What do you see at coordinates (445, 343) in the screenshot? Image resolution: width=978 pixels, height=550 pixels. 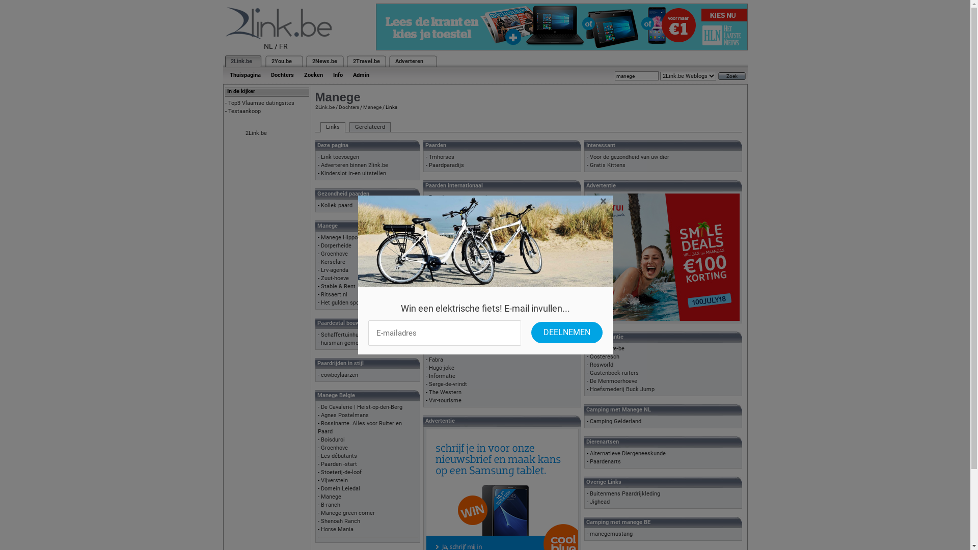 I see `'Paarden Info'` at bounding box center [445, 343].